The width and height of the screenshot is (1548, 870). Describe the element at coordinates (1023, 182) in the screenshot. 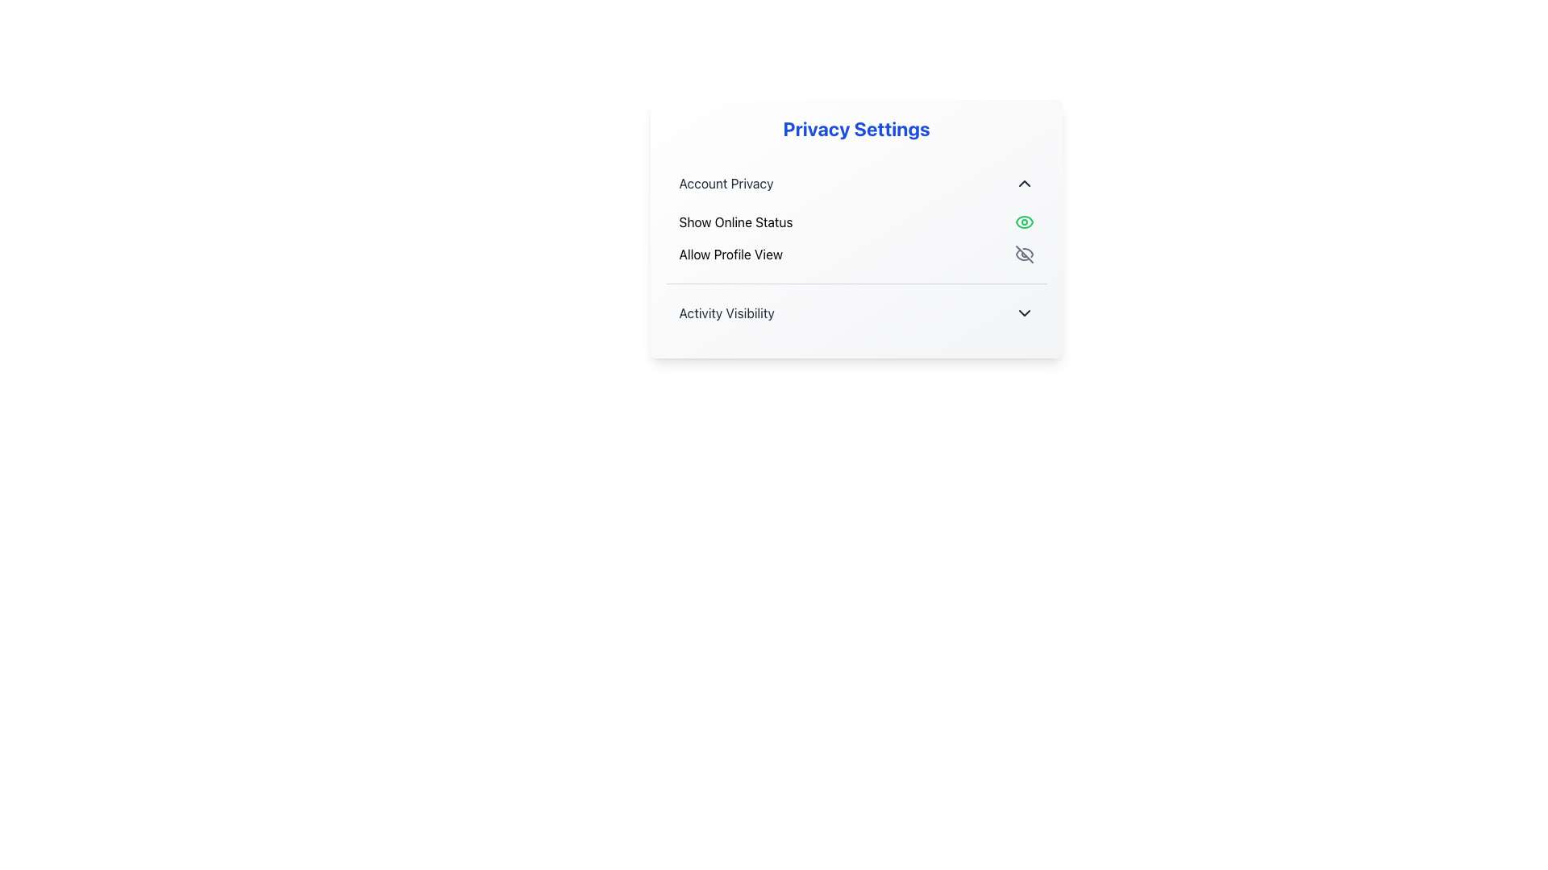

I see `the Chevron-Up icon, which is a small upward-facing chevron arrow located to the far right of the 'Account Privacy' text label within the Privacy Settings menu` at that location.